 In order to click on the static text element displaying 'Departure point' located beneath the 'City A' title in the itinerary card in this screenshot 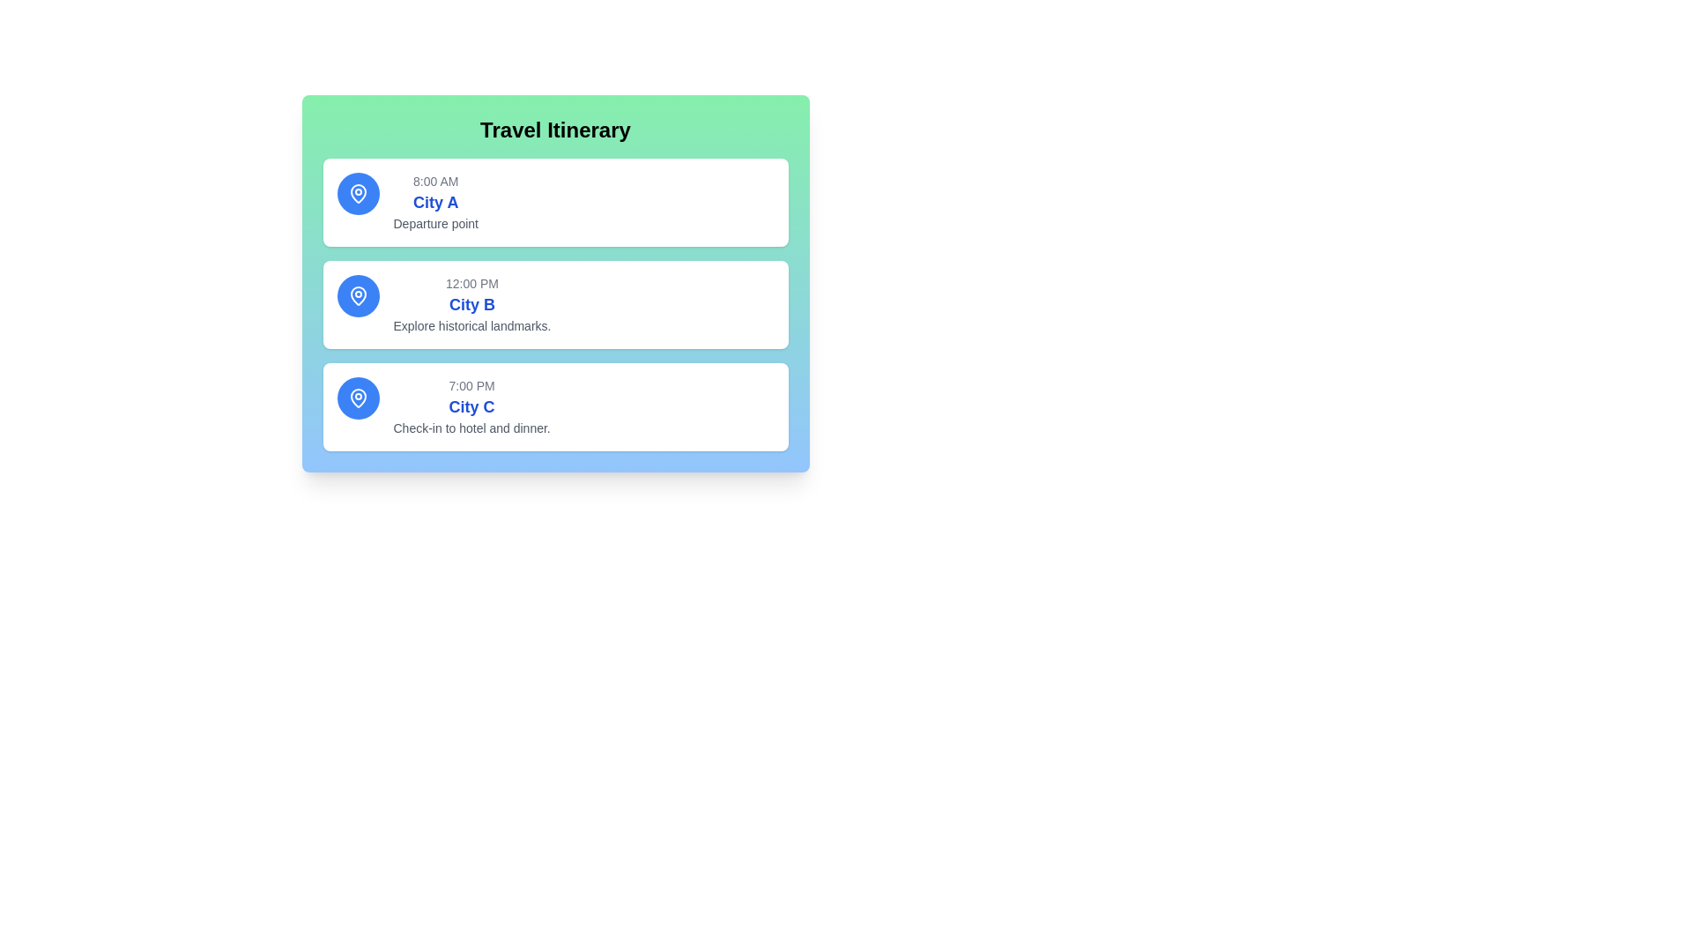, I will do `click(435, 223)`.